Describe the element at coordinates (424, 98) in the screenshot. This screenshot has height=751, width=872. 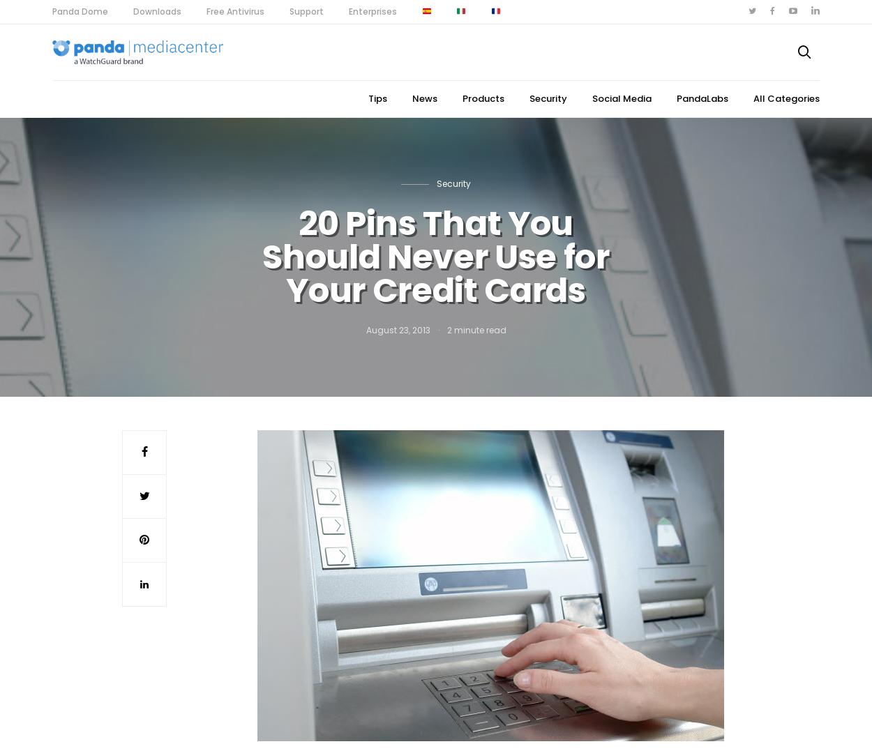
I see `'News'` at that location.